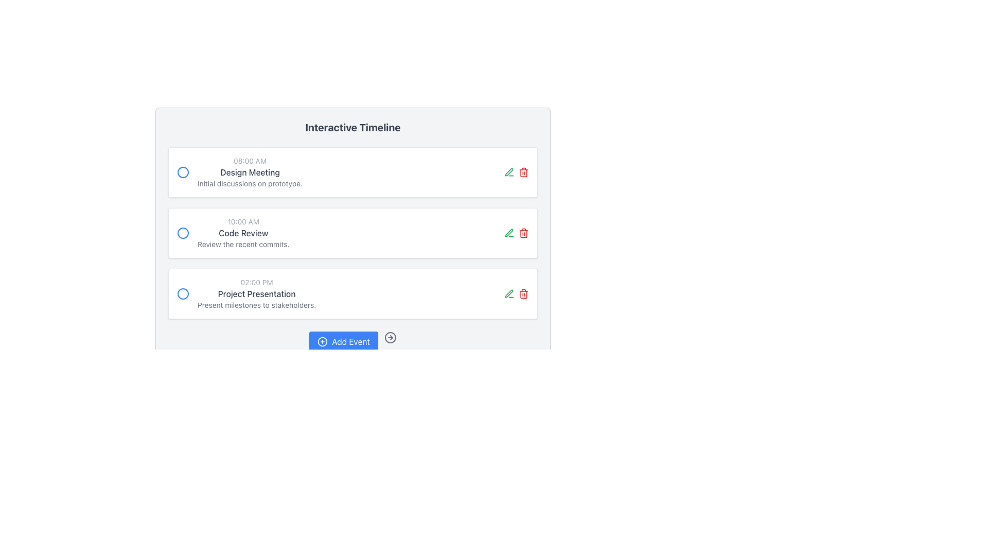  Describe the element at coordinates (322, 341) in the screenshot. I see `the small circular icon with a plus sign located inside the blue 'Add Event' button, positioned at the left end of the button` at that location.